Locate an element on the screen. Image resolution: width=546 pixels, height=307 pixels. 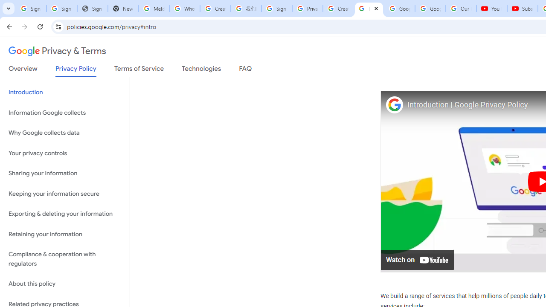
'Your privacy controls' is located at coordinates (64, 153).